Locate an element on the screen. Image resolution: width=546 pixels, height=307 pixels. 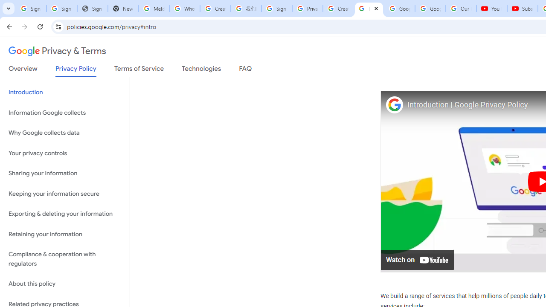
'Your privacy controls' is located at coordinates (64, 153).